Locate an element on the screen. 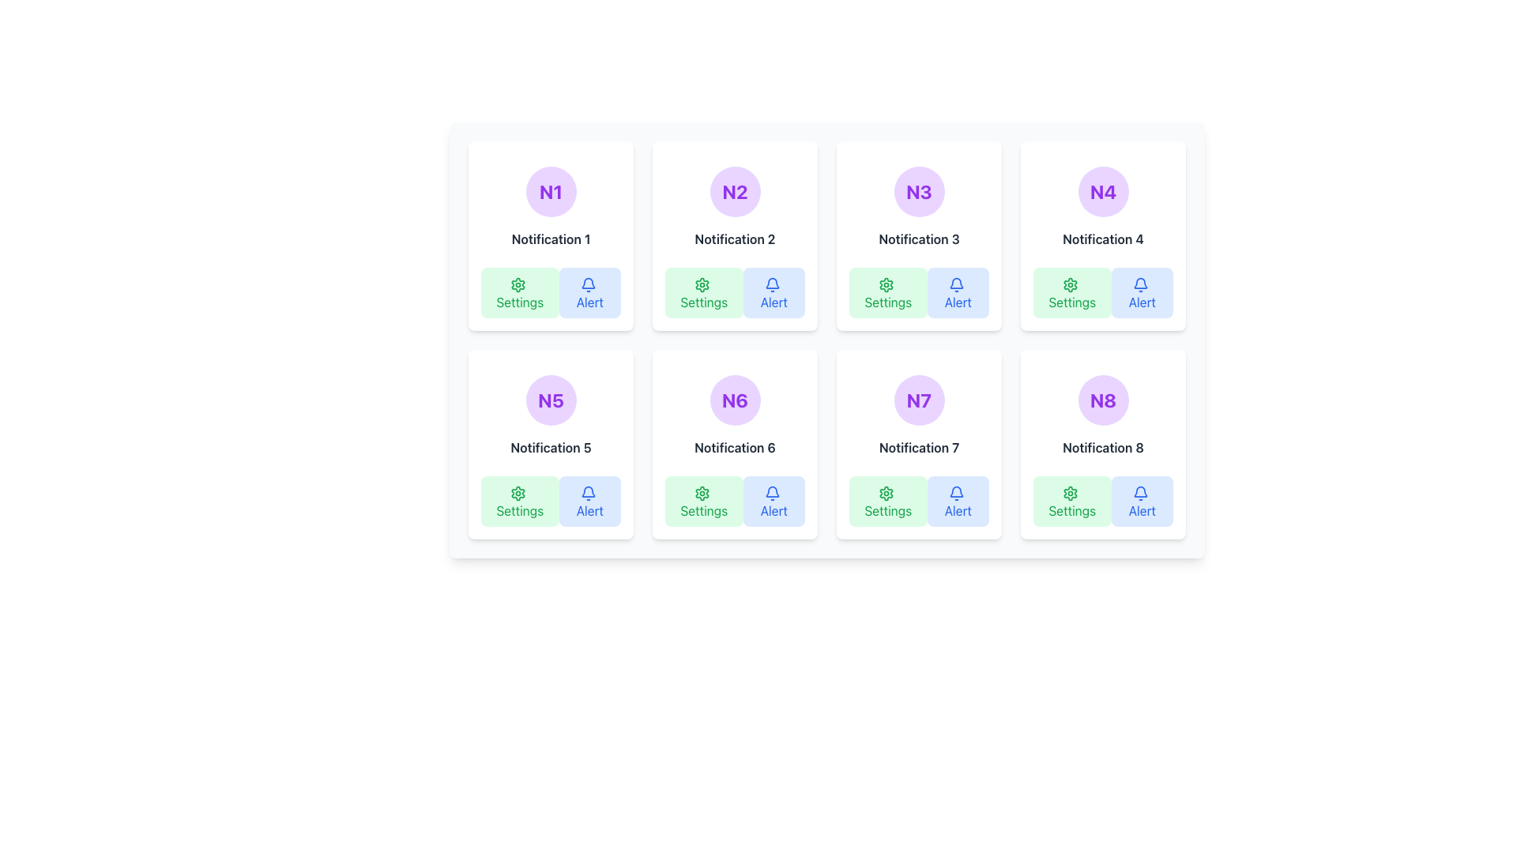 The height and width of the screenshot is (853, 1517). the label or badge that identifies the associated notification card in the grid, specifically the eighth card in the last column of the second row is located at coordinates (1102, 399).